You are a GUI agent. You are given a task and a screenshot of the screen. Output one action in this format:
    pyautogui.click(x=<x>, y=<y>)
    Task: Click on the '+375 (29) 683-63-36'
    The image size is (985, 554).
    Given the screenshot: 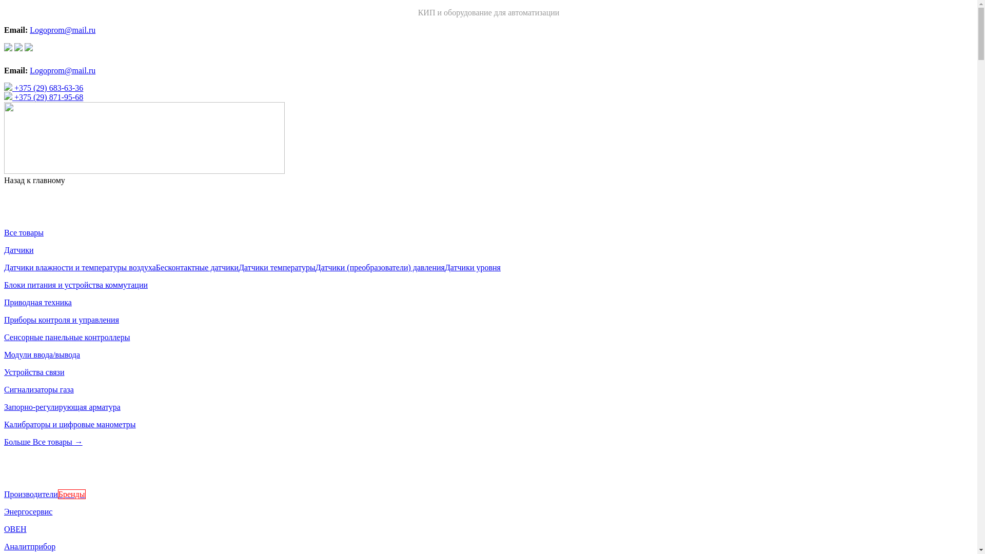 What is the action you would take?
    pyautogui.click(x=4, y=87)
    